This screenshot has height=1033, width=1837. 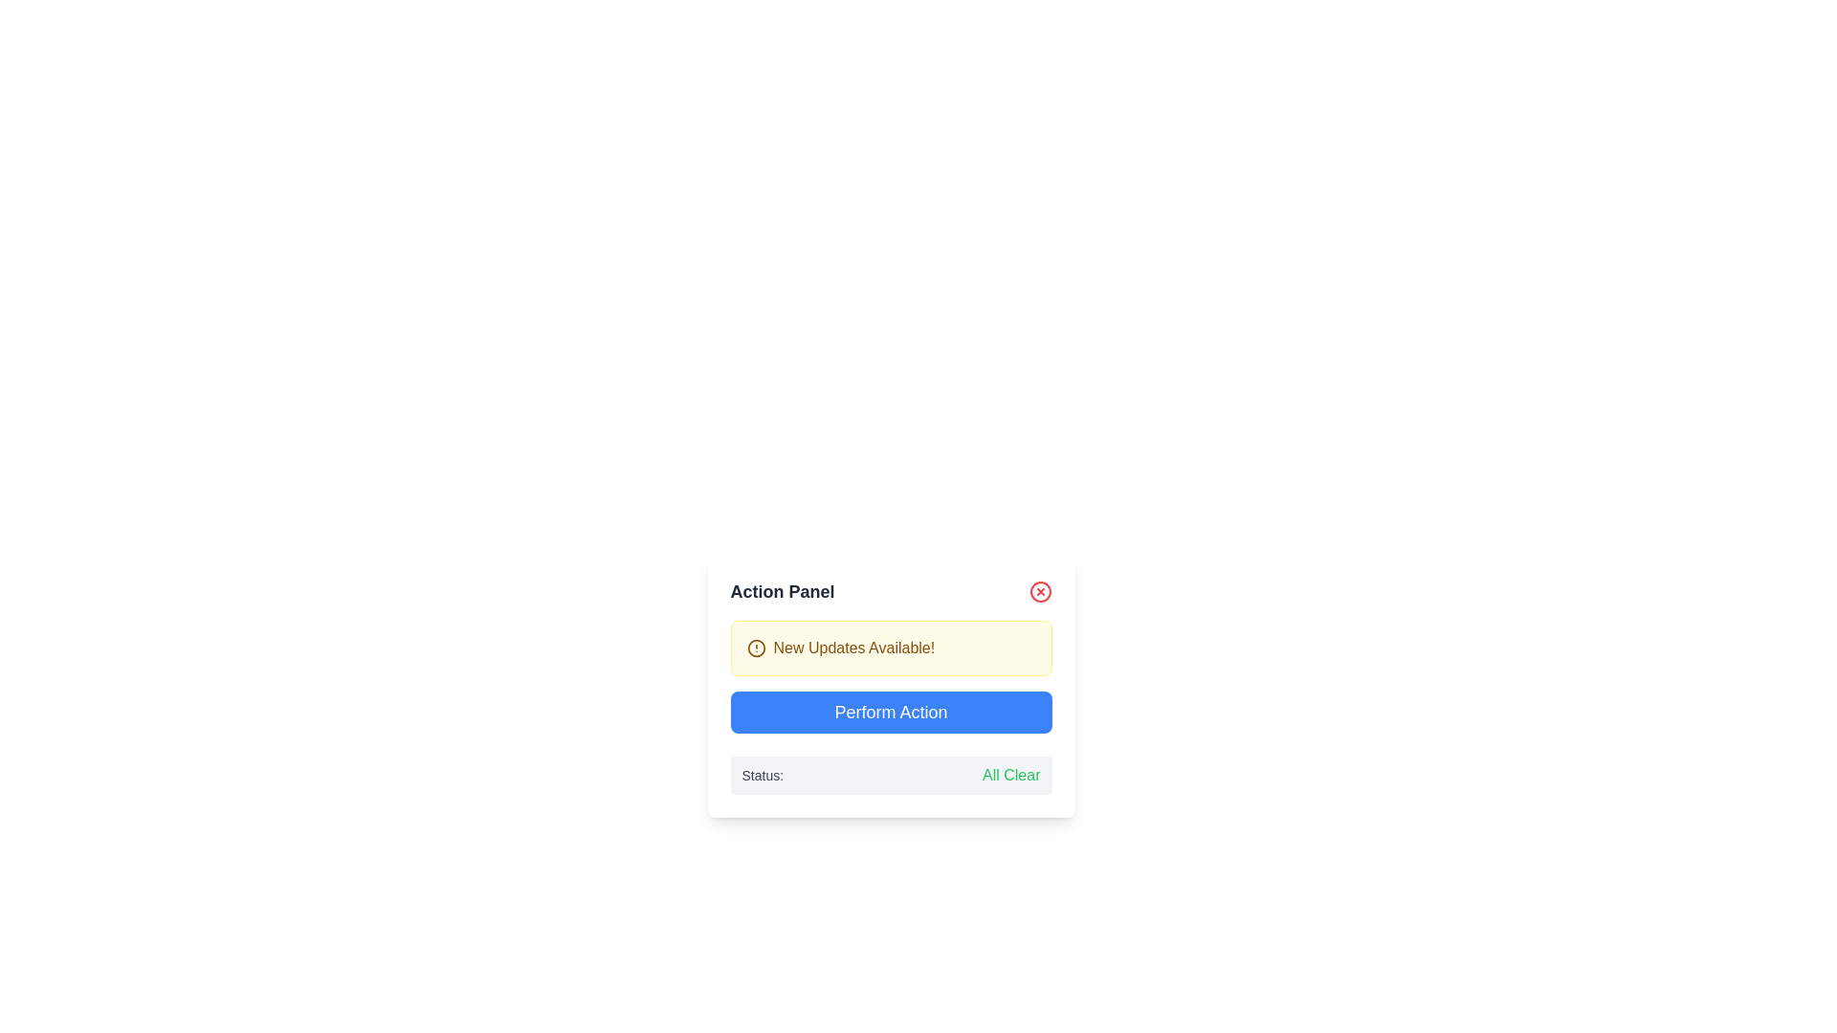 I want to click on text label that displays 'New Updates Available!' which is styled in a yellow-highlighted box and located in the upper section of the 'Action Panel' card, to the right of a circular alert icon, so click(x=852, y=648).